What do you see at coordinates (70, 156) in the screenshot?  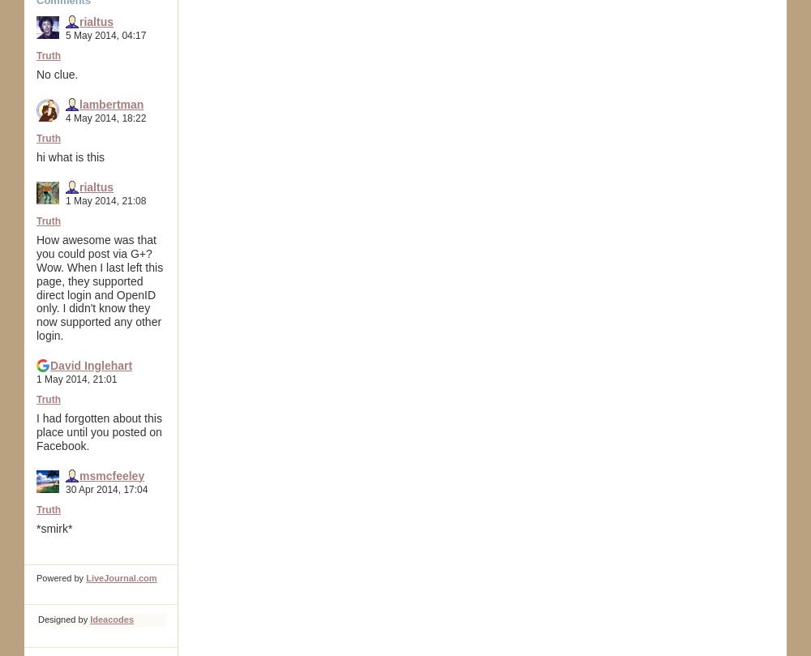 I see `'hi what is this'` at bounding box center [70, 156].